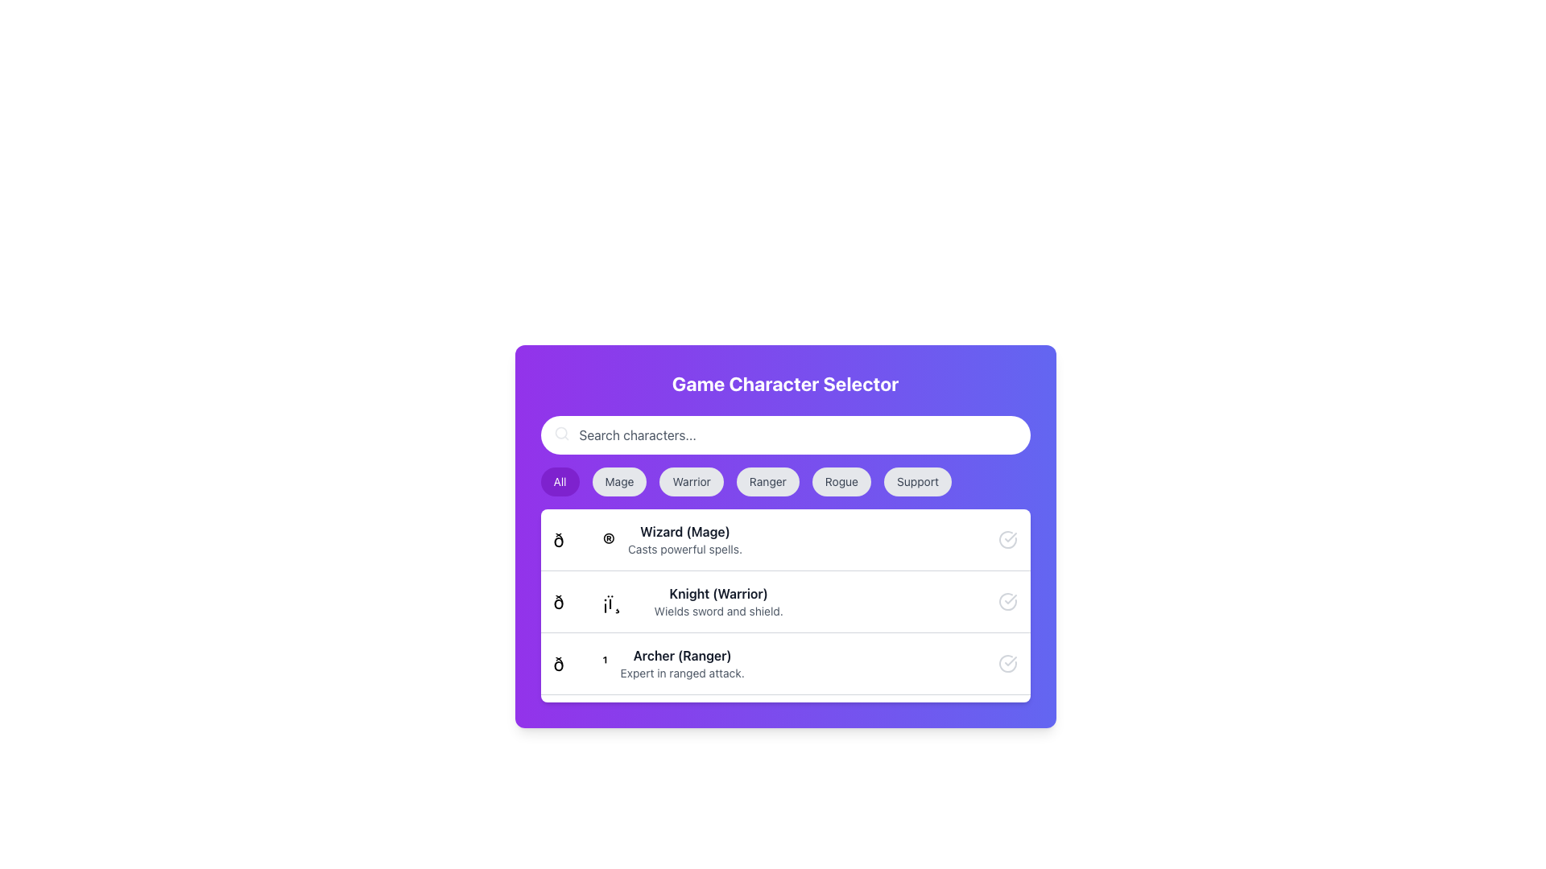 Image resolution: width=1546 pixels, height=869 pixels. What do you see at coordinates (785, 540) in the screenshot?
I see `the first row of the list item titled 'Wizard (Mage)'` at bounding box center [785, 540].